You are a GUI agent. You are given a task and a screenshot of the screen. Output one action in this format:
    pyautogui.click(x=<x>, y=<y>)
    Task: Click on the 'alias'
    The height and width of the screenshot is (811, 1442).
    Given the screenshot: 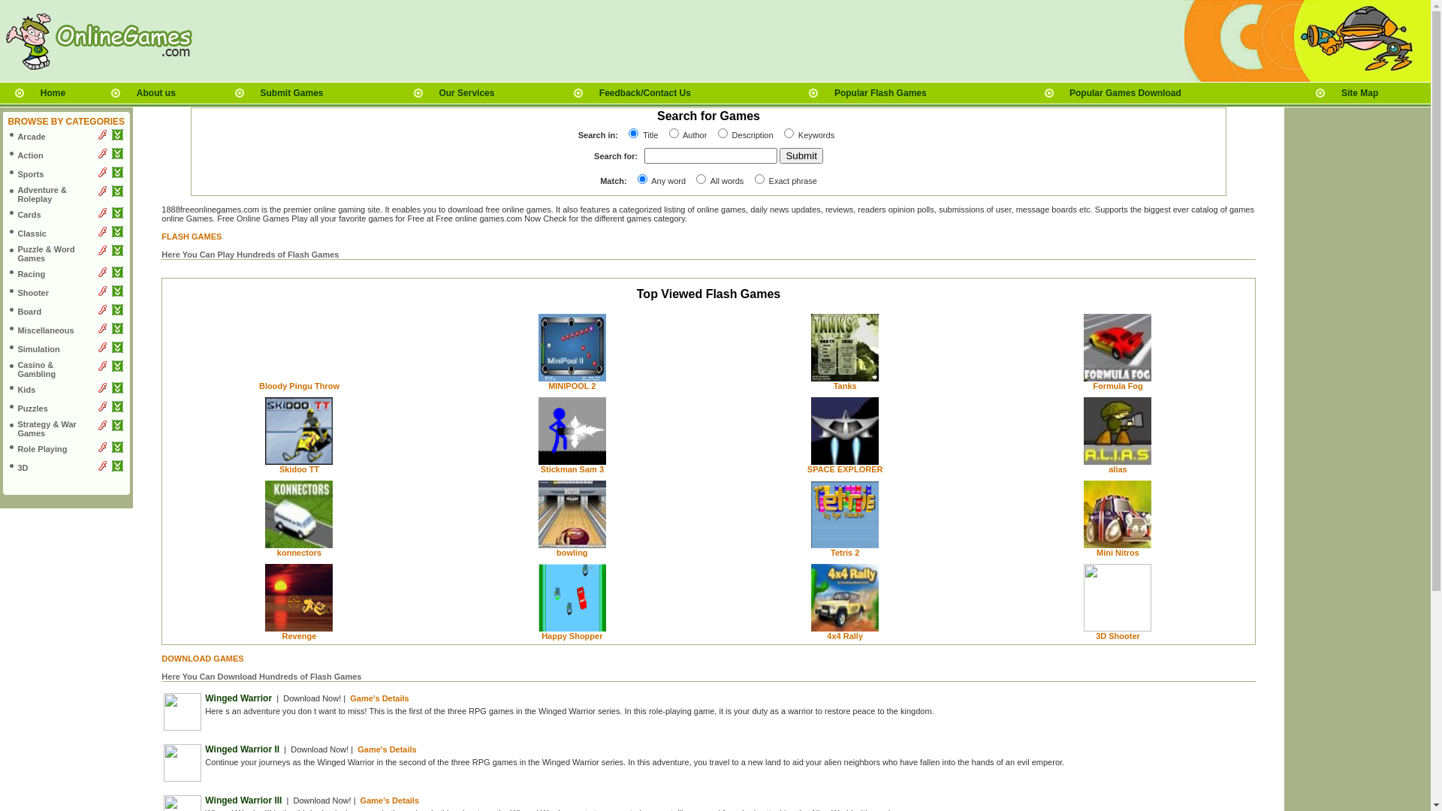 What is the action you would take?
    pyautogui.click(x=1109, y=468)
    